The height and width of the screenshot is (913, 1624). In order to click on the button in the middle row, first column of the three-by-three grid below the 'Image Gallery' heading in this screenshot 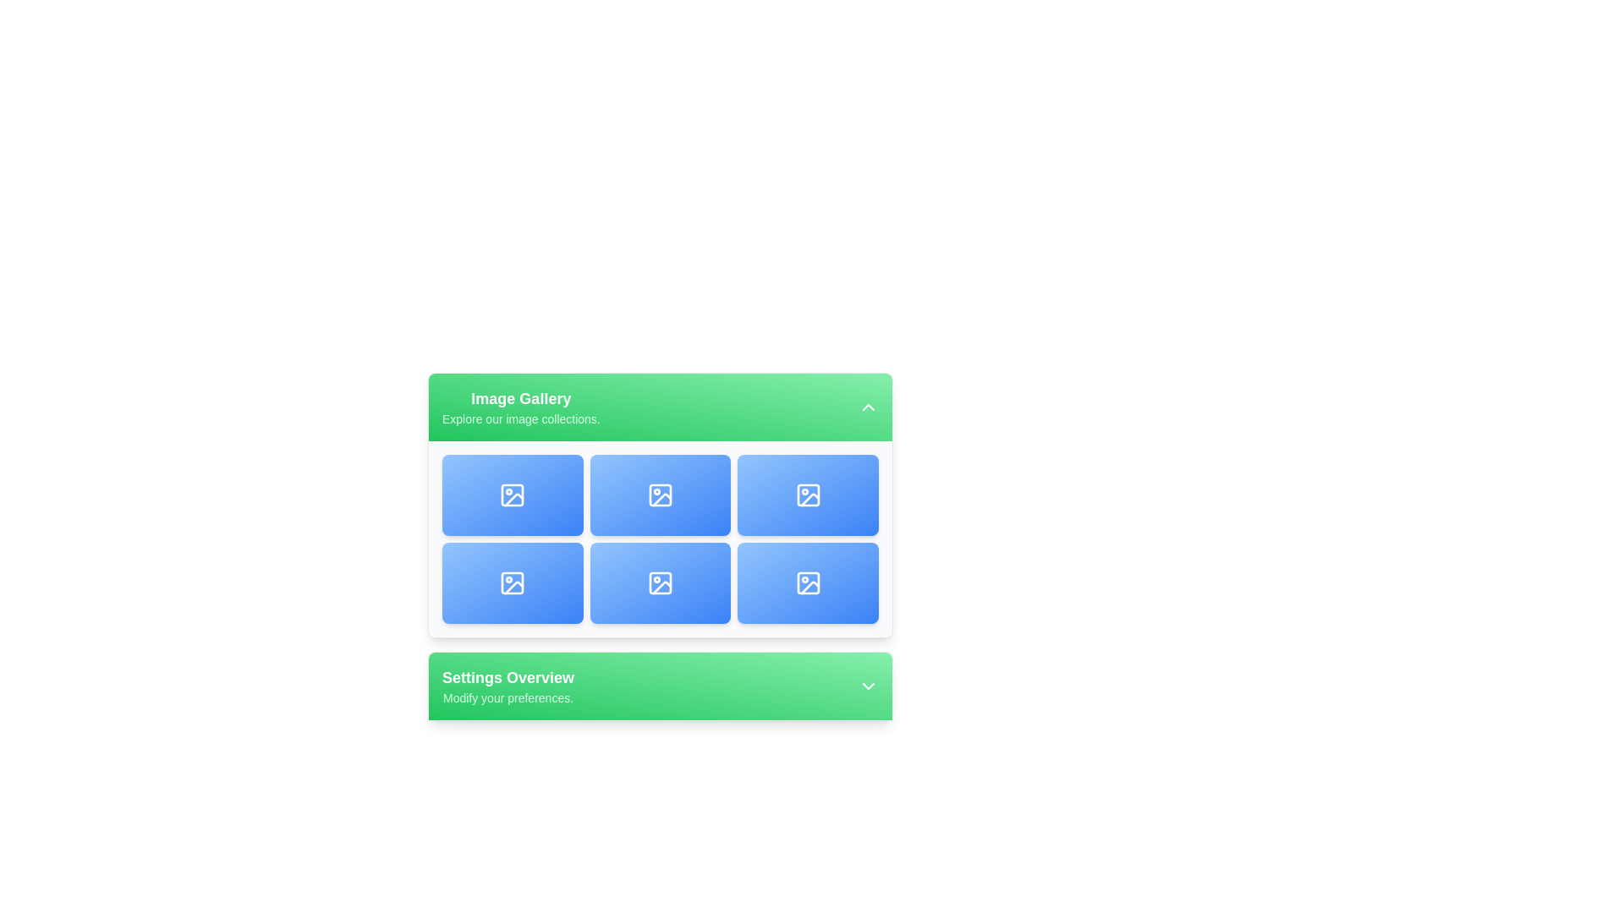, I will do `click(512, 582)`.